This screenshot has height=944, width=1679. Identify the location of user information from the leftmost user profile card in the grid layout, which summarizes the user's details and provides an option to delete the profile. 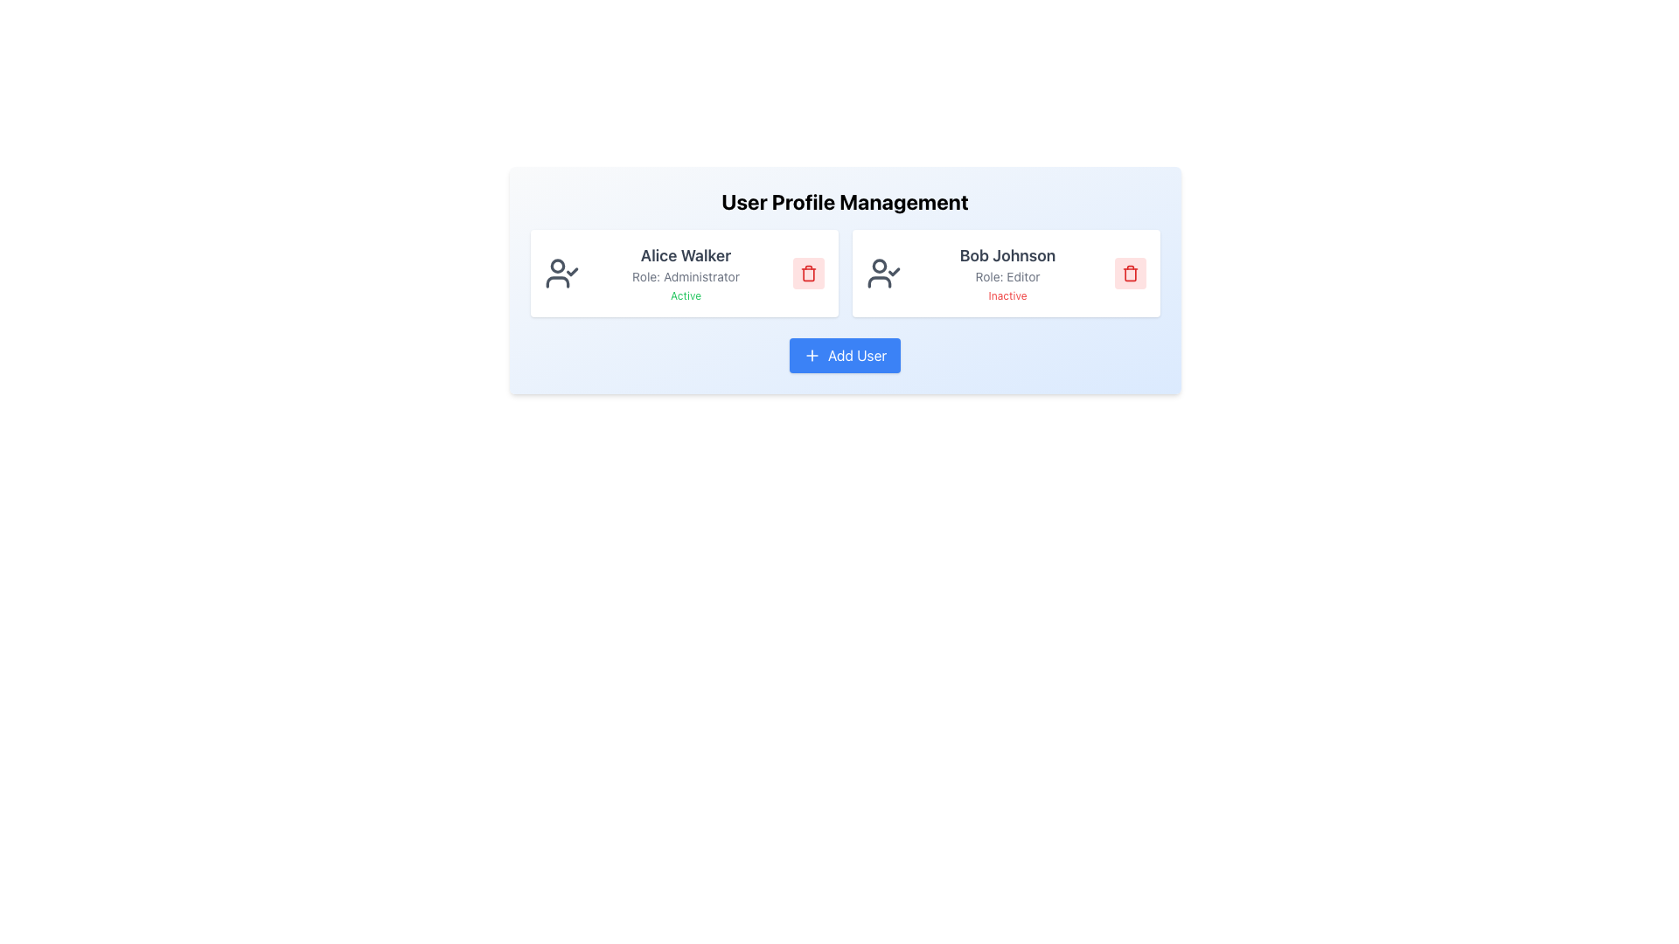
(683, 273).